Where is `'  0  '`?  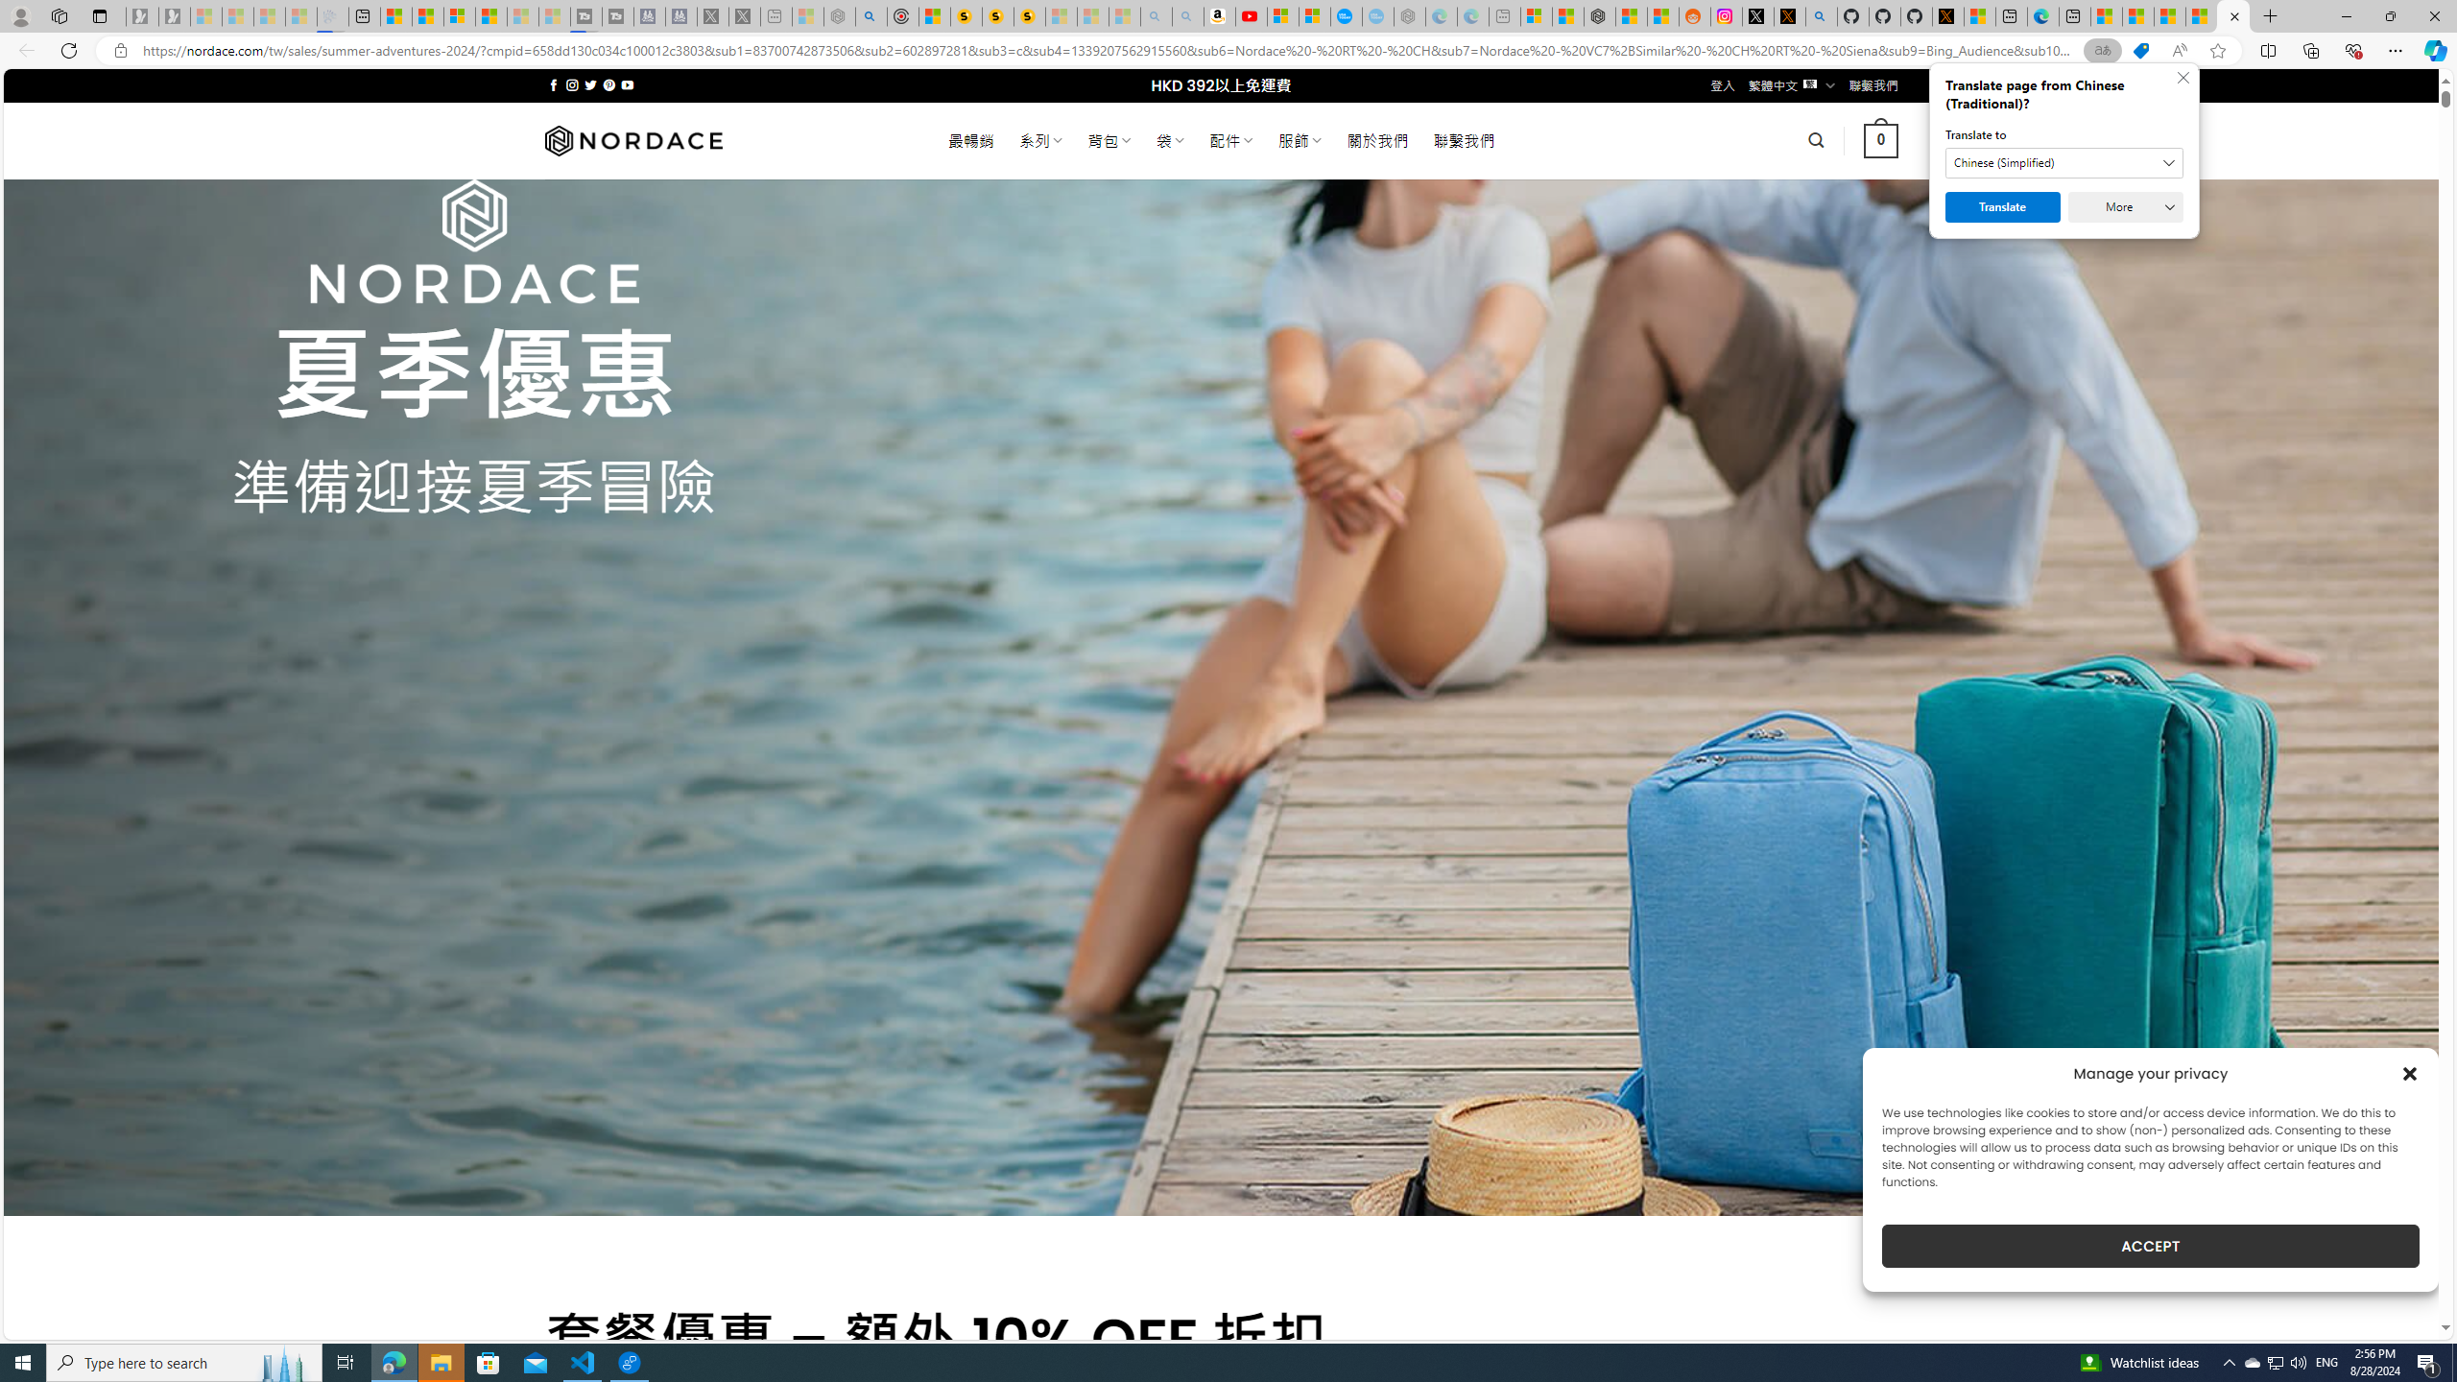
'  0  ' is located at coordinates (1881, 139).